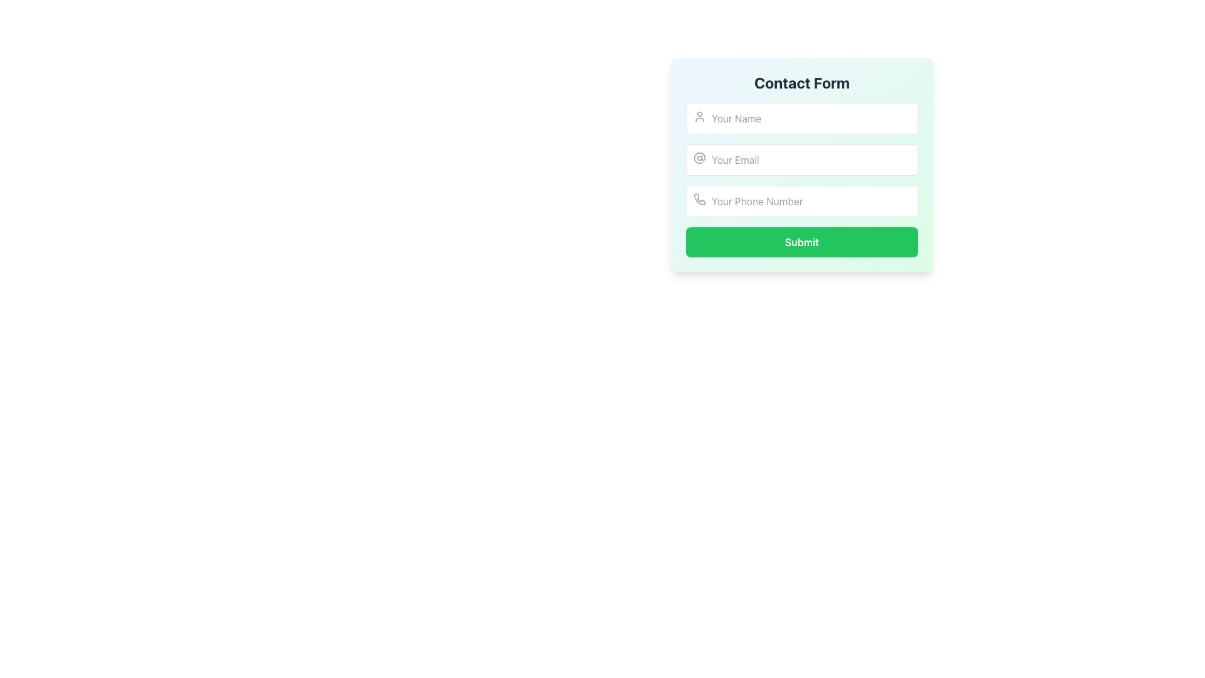 This screenshot has height=678, width=1205. Describe the element at coordinates (801, 159) in the screenshot. I see `the email input field located in the 'Contact Form', positioned below the 'Your Name' field and above the 'Your Phone Number' field` at that location.